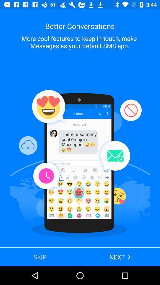 This screenshot has height=285, width=160. I want to click on the skip app, so click(40, 256).